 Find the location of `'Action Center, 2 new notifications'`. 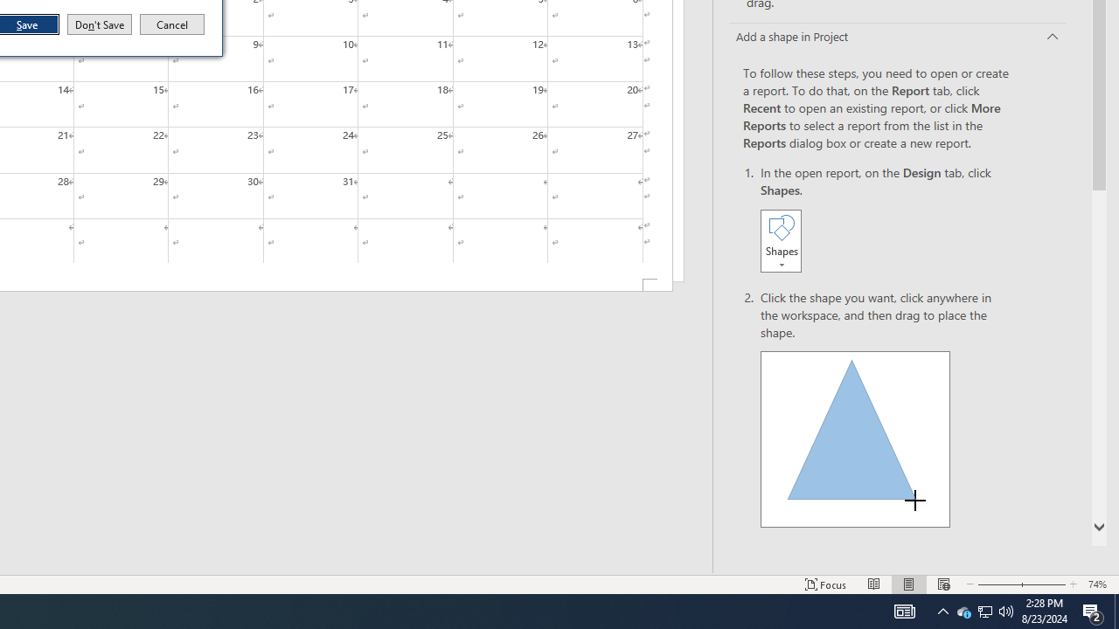

'Action Center, 2 new notifications' is located at coordinates (1093, 610).